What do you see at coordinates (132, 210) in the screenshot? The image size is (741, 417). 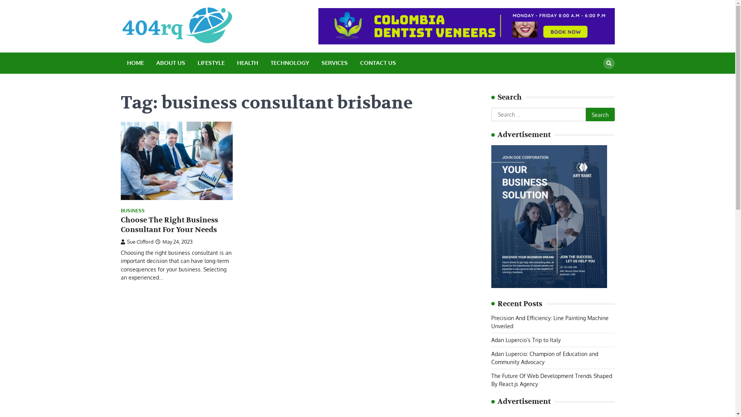 I see `'BUSINESS'` at bounding box center [132, 210].